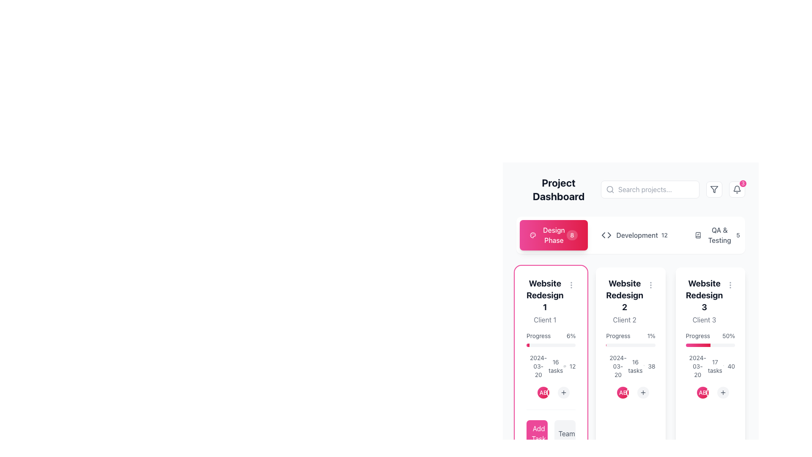 Image resolution: width=812 pixels, height=457 pixels. I want to click on the ProgressIndicator displaying the progress percentage for the 'Website Redesign 3' project on the Project Dashboard, so click(698, 345).